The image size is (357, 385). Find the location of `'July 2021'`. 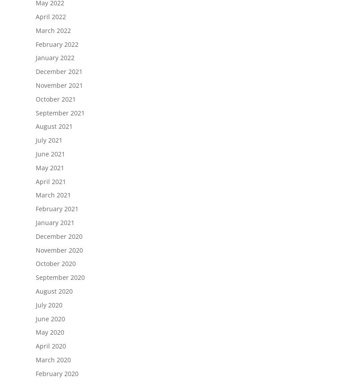

'July 2021' is located at coordinates (49, 140).